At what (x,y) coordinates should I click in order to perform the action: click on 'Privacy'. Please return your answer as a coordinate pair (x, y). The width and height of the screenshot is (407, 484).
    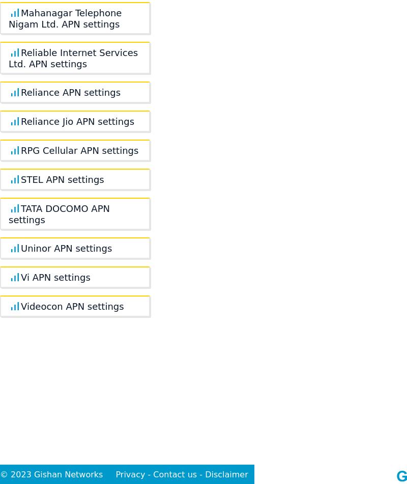
    Looking at the image, I should click on (130, 474).